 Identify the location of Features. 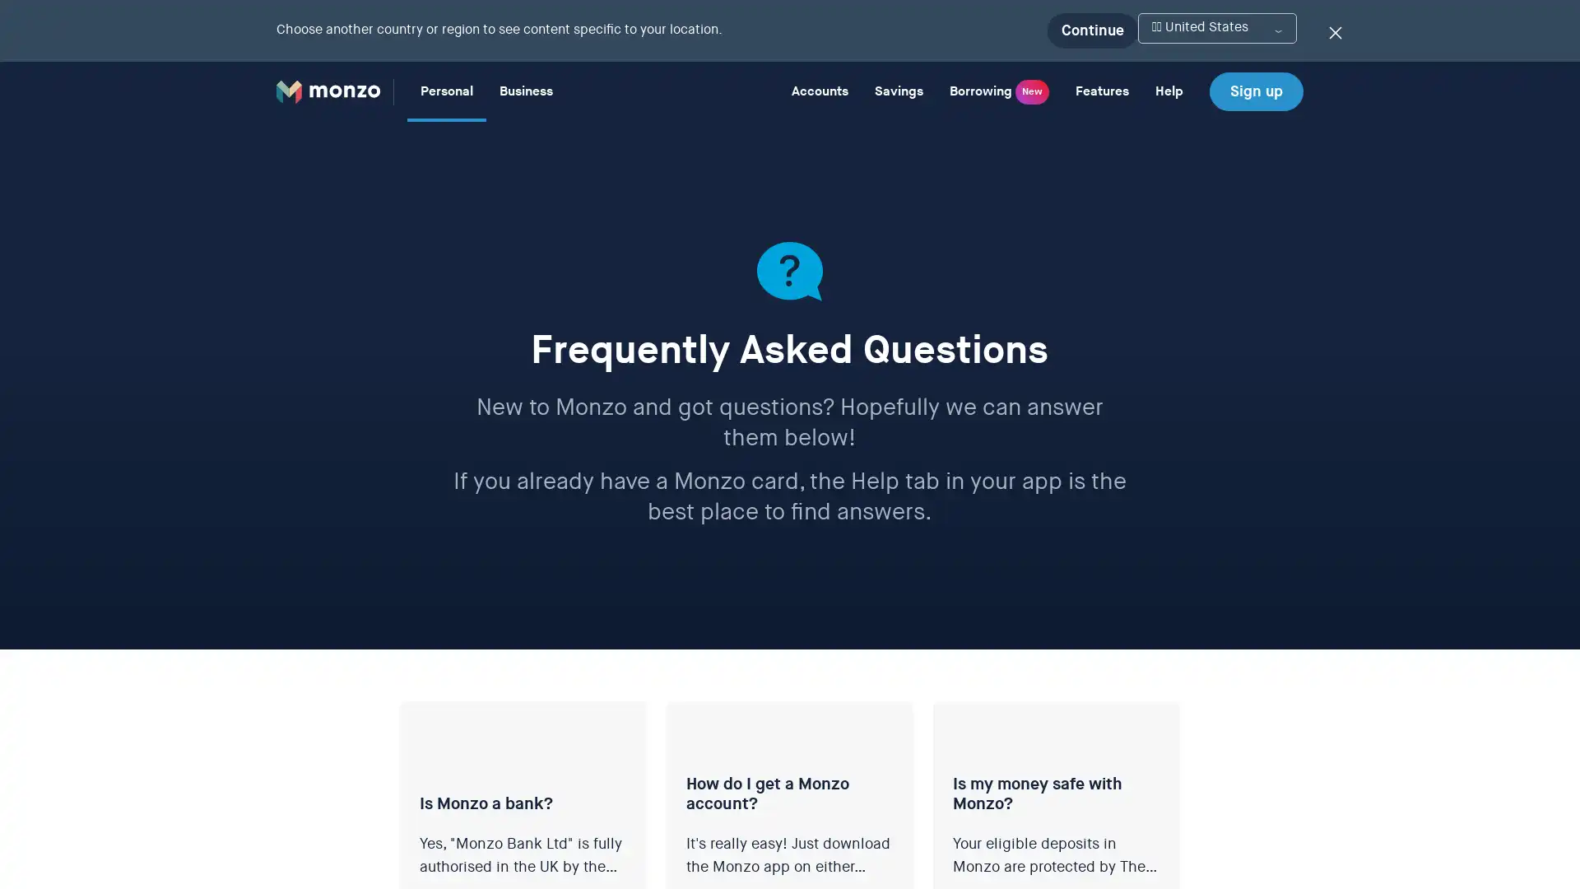
(1102, 91).